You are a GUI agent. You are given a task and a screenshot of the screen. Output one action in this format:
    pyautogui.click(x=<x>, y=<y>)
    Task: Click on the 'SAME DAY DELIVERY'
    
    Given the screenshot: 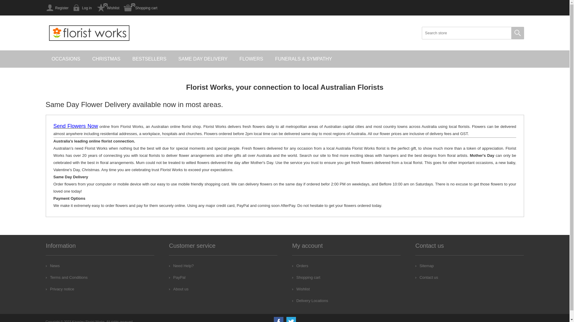 What is the action you would take?
    pyautogui.click(x=203, y=59)
    